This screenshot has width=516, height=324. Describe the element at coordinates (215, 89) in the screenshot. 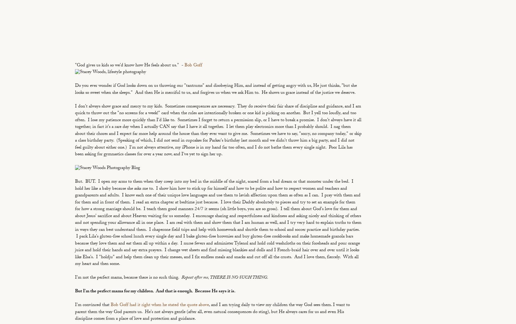

I see `'Do you ever wonder if God looks down on us throwing our "tantrums" and disobeying Him, and instead of getting angry with us, He just thinks, "but she looks so sweet when she sleeps."  And then He is merciful to us, and forgives us when we ask Him to.  He shows us grace instead of the justice we deserve.'` at that location.